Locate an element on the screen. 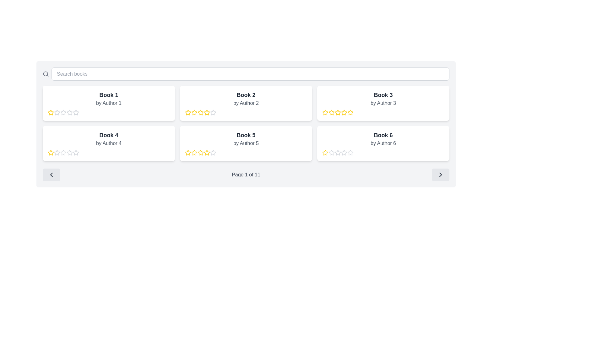 This screenshot has height=339, width=603. the first rating star icon located below the card for 'Book 2 by Author 2' in the second column of the first row of books displayed is located at coordinates (188, 112).